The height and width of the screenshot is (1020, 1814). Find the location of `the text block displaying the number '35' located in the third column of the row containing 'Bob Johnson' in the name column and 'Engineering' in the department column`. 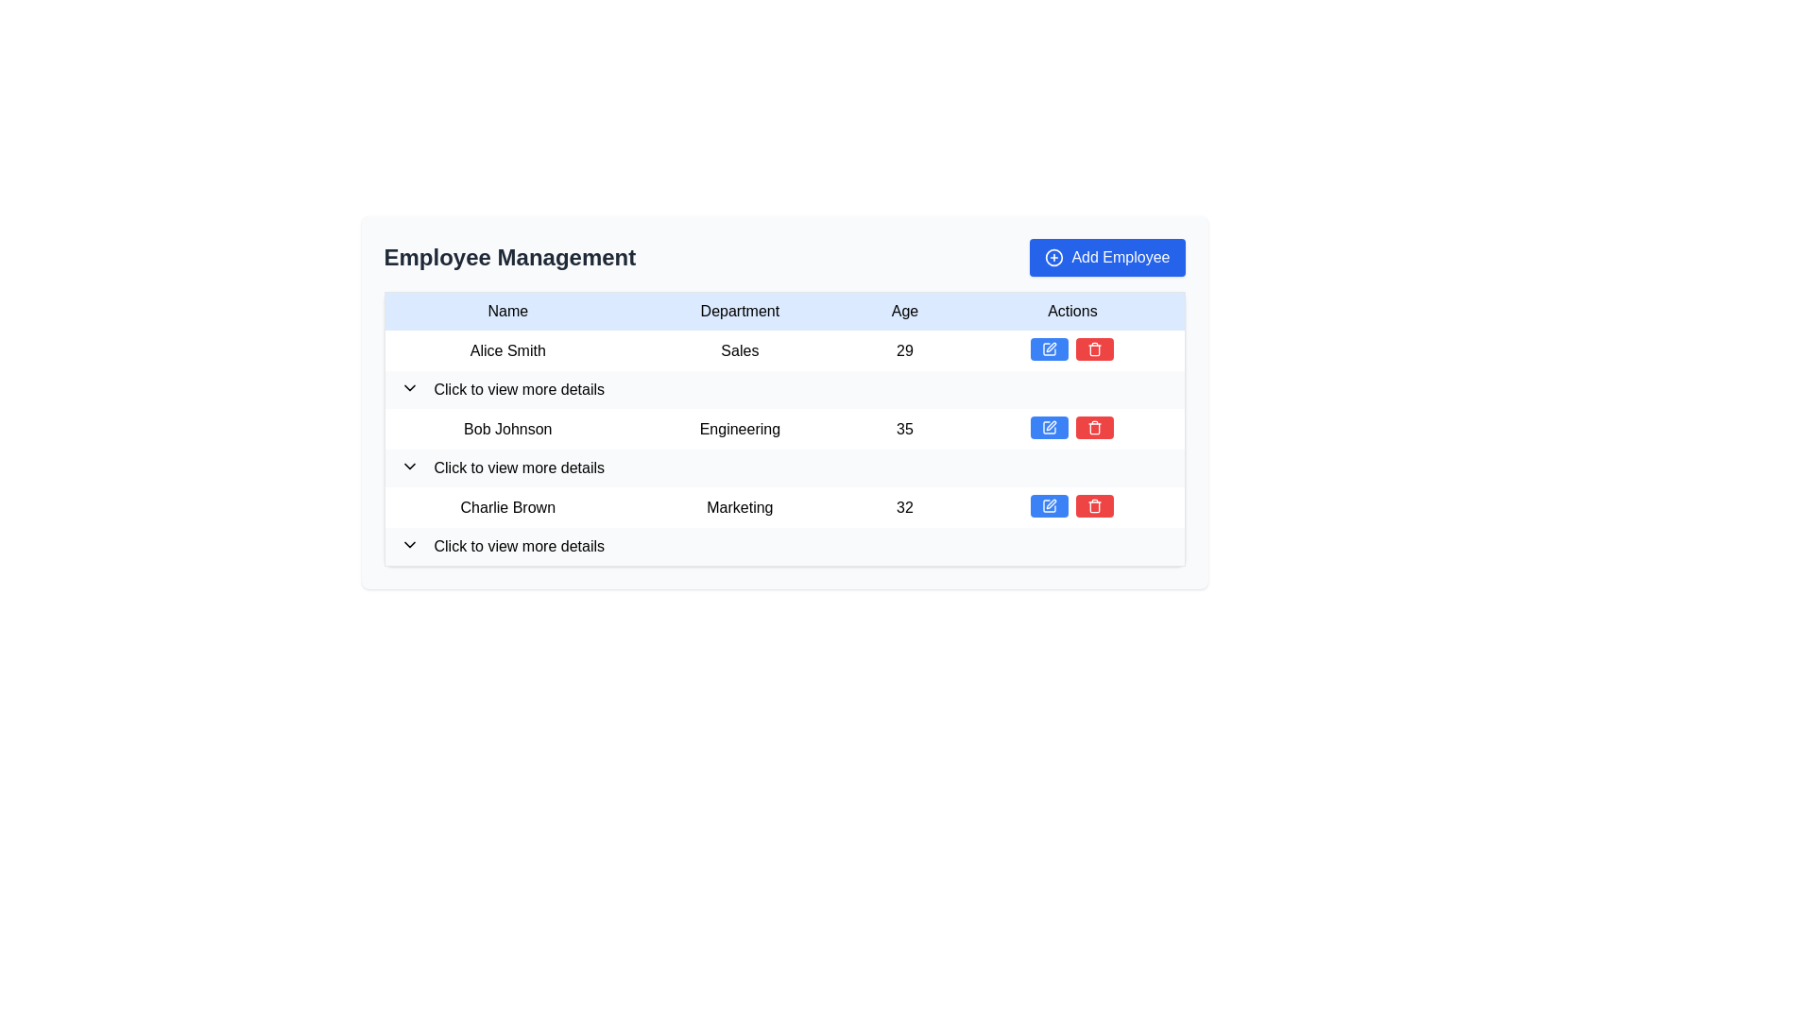

the text block displaying the number '35' located in the third column of the row containing 'Bob Johnson' in the name column and 'Engineering' in the department column is located at coordinates (904, 429).